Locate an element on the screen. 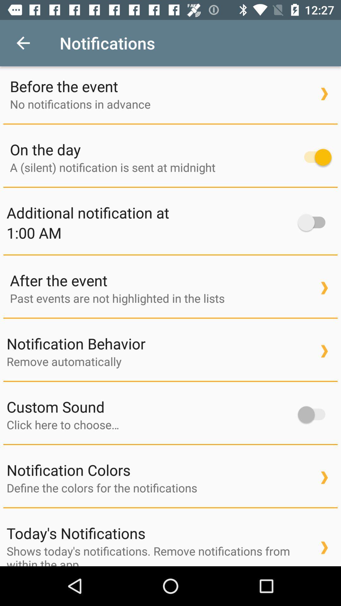 This screenshot has height=606, width=341. the icon to the right of additional notification at item is located at coordinates (314, 223).